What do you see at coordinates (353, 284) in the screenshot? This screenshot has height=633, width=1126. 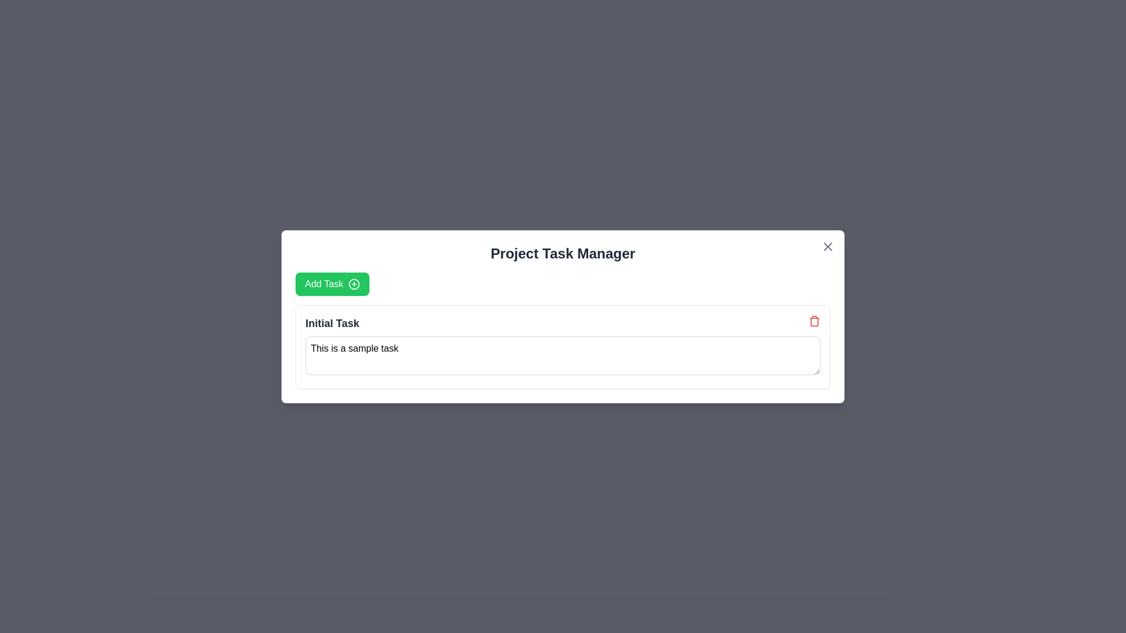 I see `the SVG circle element that is part of the plus icon, located to the right of the 'Add Task' button in the task manager dialog` at bounding box center [353, 284].